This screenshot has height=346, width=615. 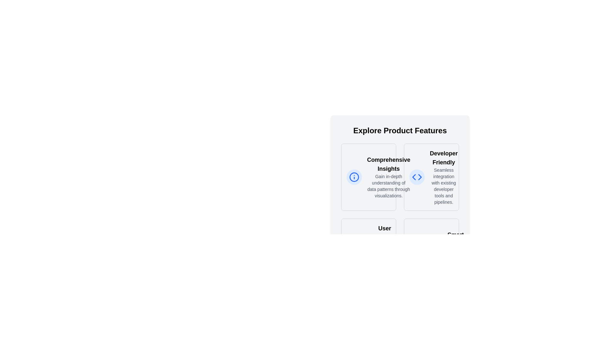 What do you see at coordinates (431, 177) in the screenshot?
I see `the information card that provides details about a developer-friendly approach, located as the second card in the grid layout, to the right of 'Comprehensive Insights' and above 'Smart Recommendations'` at bounding box center [431, 177].